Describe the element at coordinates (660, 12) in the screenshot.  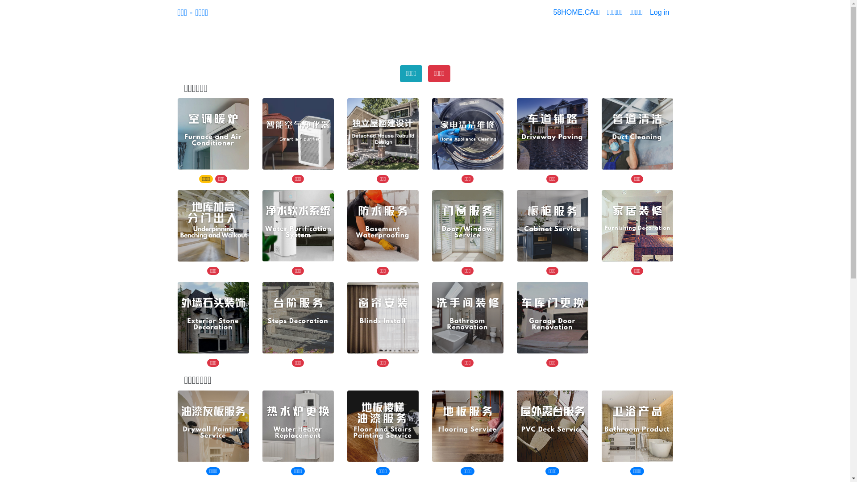
I see `'Log in'` at that location.